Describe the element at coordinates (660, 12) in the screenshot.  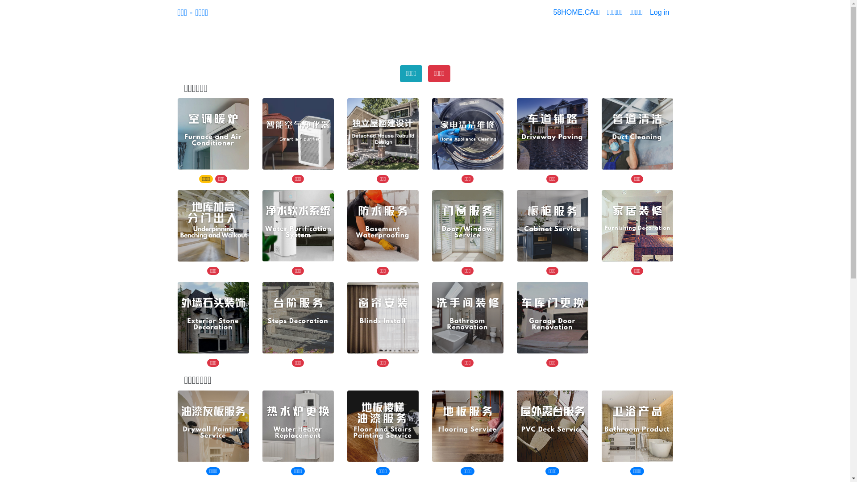
I see `'Log in'` at that location.